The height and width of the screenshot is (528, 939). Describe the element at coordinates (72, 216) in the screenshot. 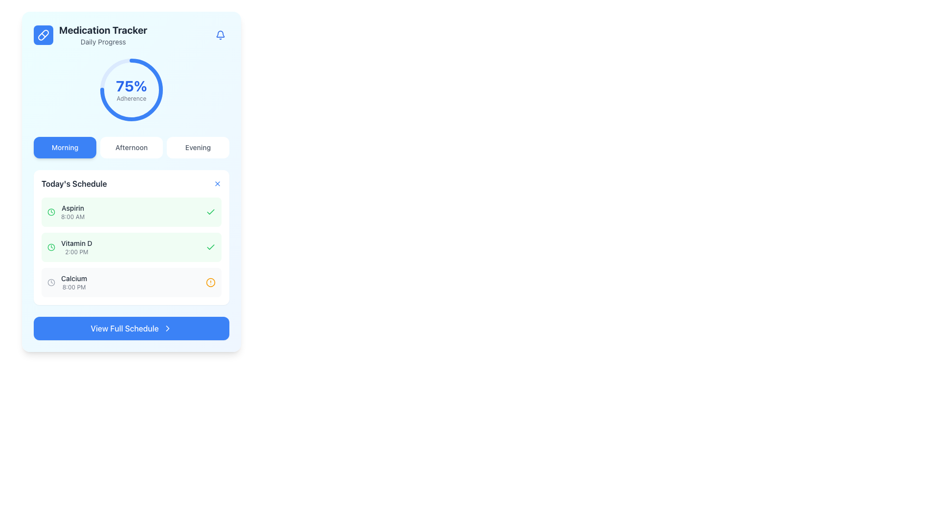

I see `the text element displaying '8:00 AM', which is located below 'Aspirin' in the 'Today's Schedule' section with a green background` at that location.